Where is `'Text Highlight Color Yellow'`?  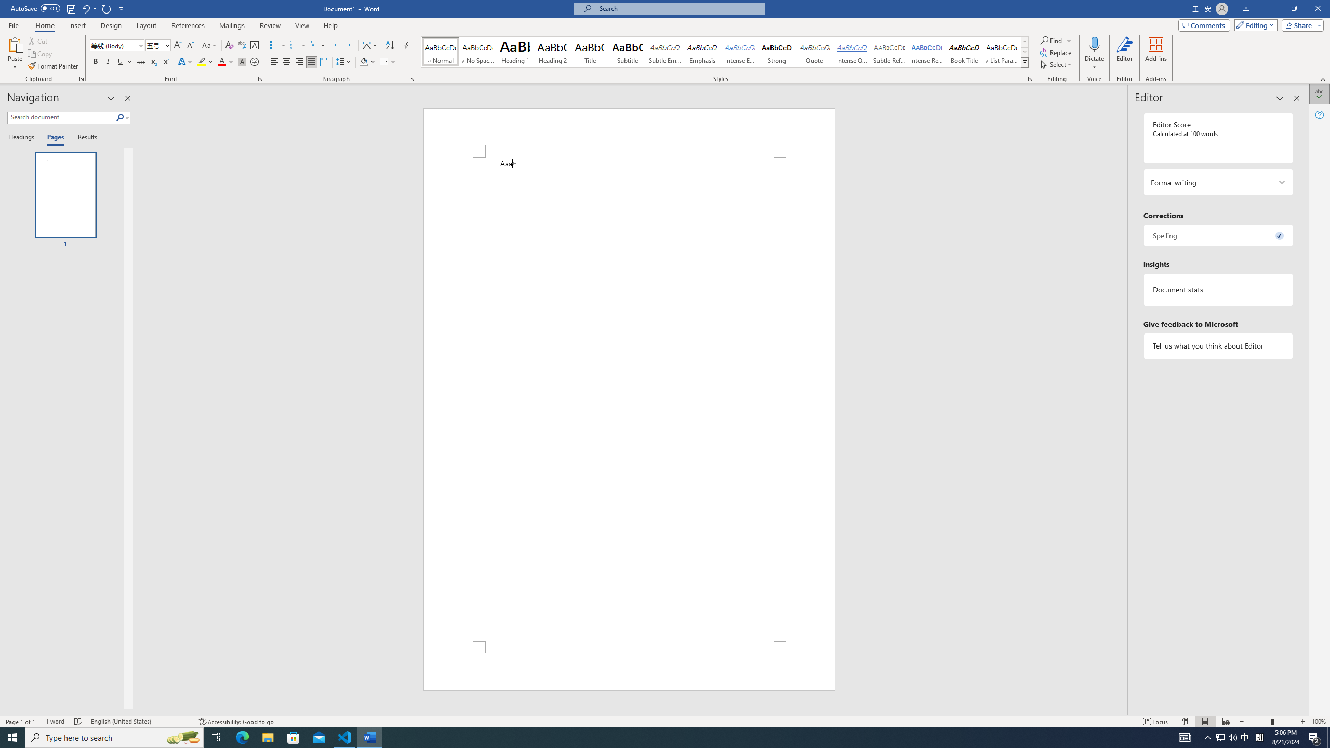
'Text Highlight Color Yellow' is located at coordinates (201, 61).